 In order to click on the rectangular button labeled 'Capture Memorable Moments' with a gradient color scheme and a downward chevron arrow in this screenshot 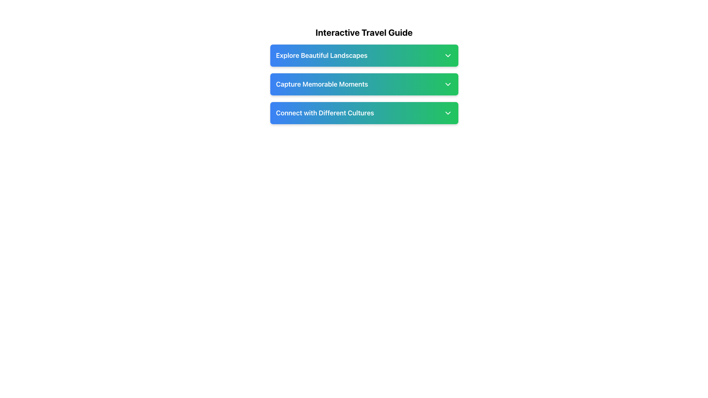, I will do `click(364, 84)`.